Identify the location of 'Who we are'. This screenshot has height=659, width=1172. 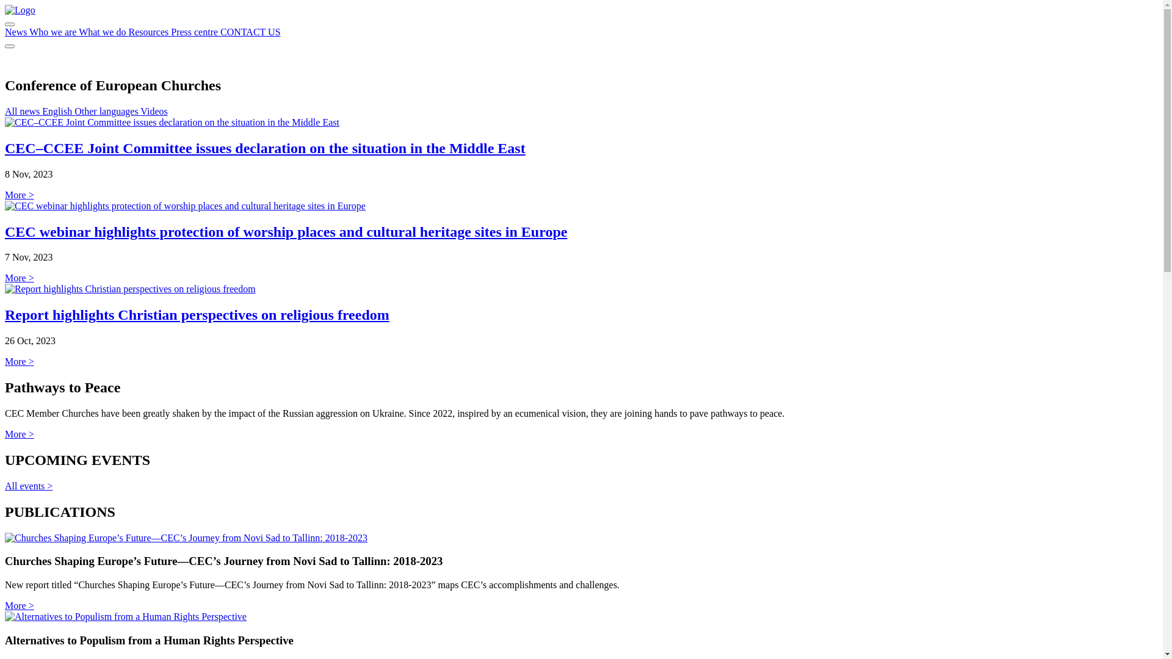
(53, 31).